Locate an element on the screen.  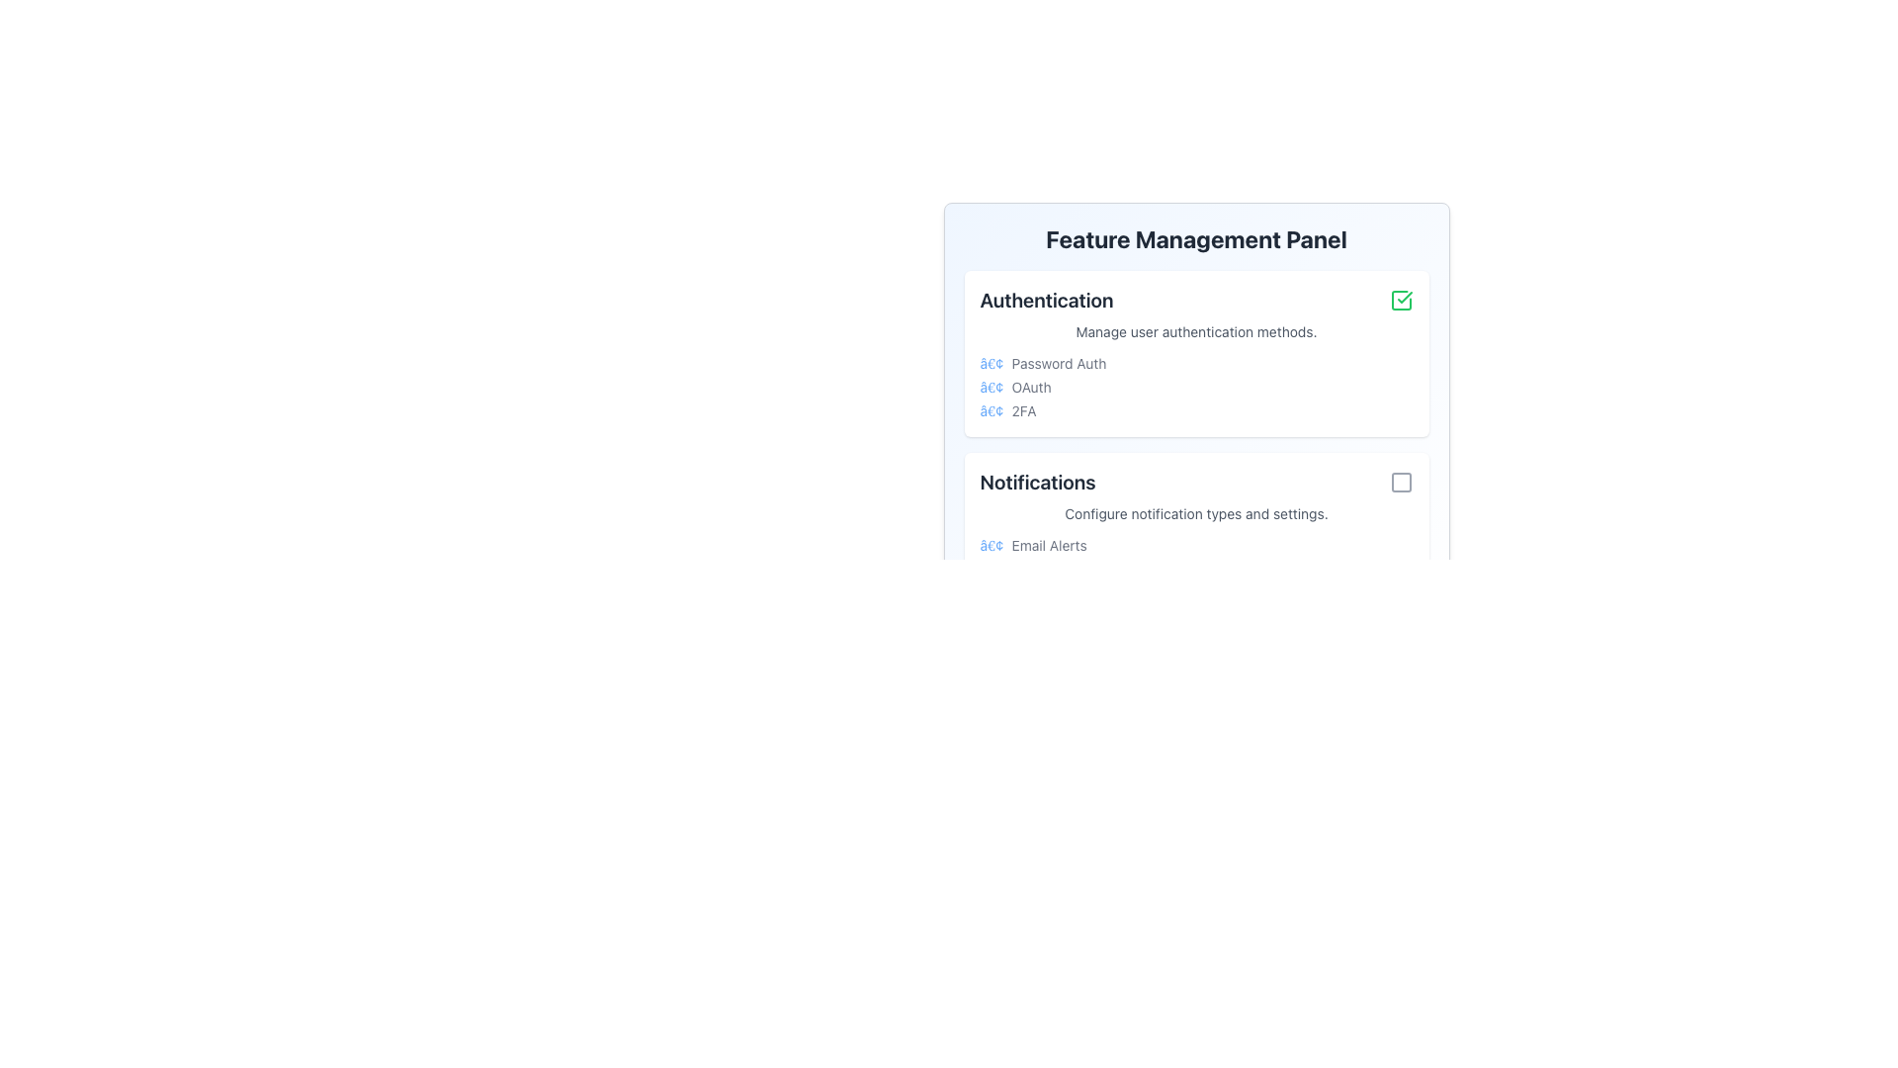
the bullet point that visually indicates the '2FA' list item under the 'Authentication' section, which serves as a decorative element and provides structural clarity is located at coordinates (992, 410).